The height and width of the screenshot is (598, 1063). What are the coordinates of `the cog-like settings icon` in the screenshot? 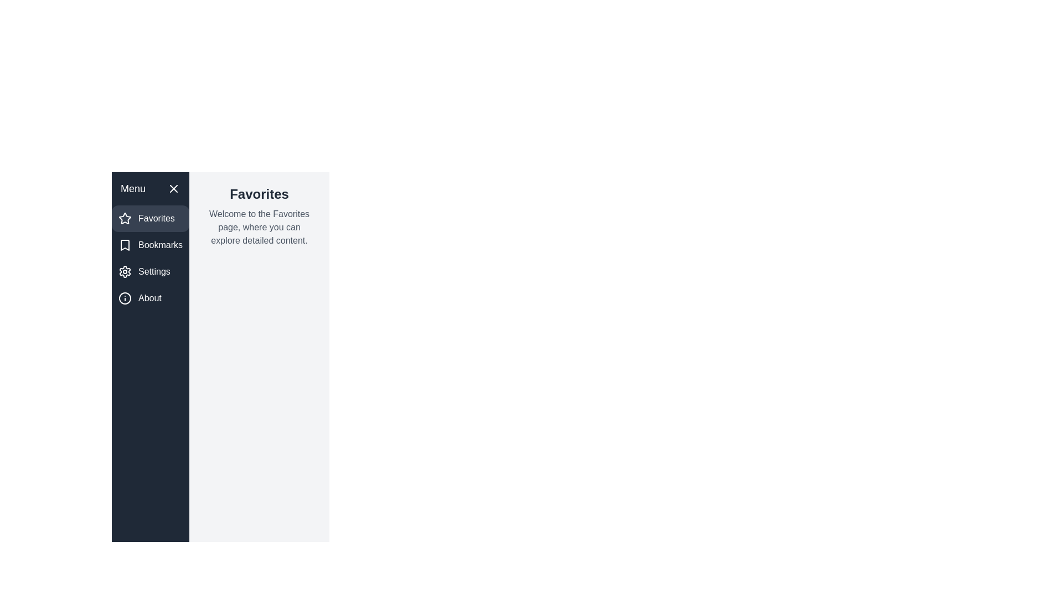 It's located at (125, 271).